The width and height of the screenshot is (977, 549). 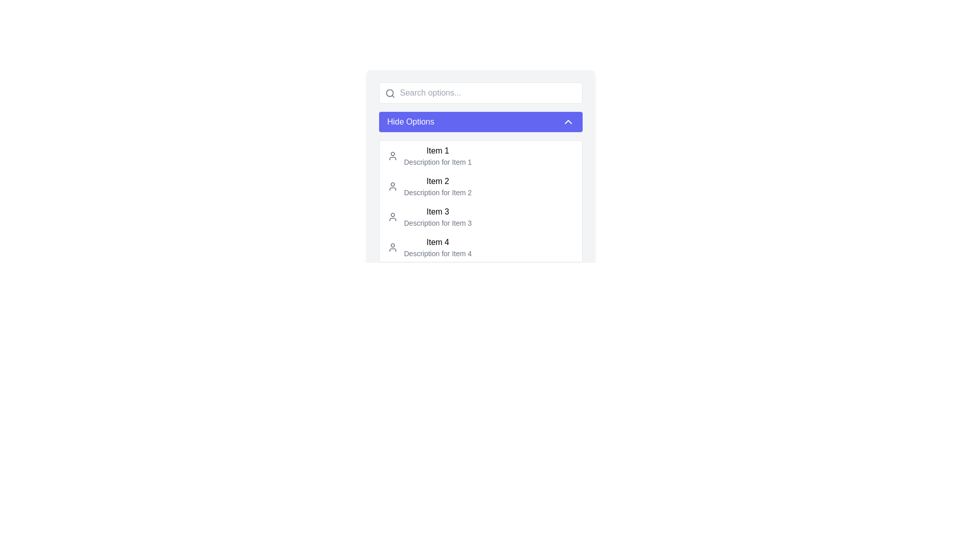 I want to click on the text label that reads 'Description for Item 2', which is styled in a smaller font size and gray color, located directly below the bolded 'Item 2' text, so click(x=438, y=192).